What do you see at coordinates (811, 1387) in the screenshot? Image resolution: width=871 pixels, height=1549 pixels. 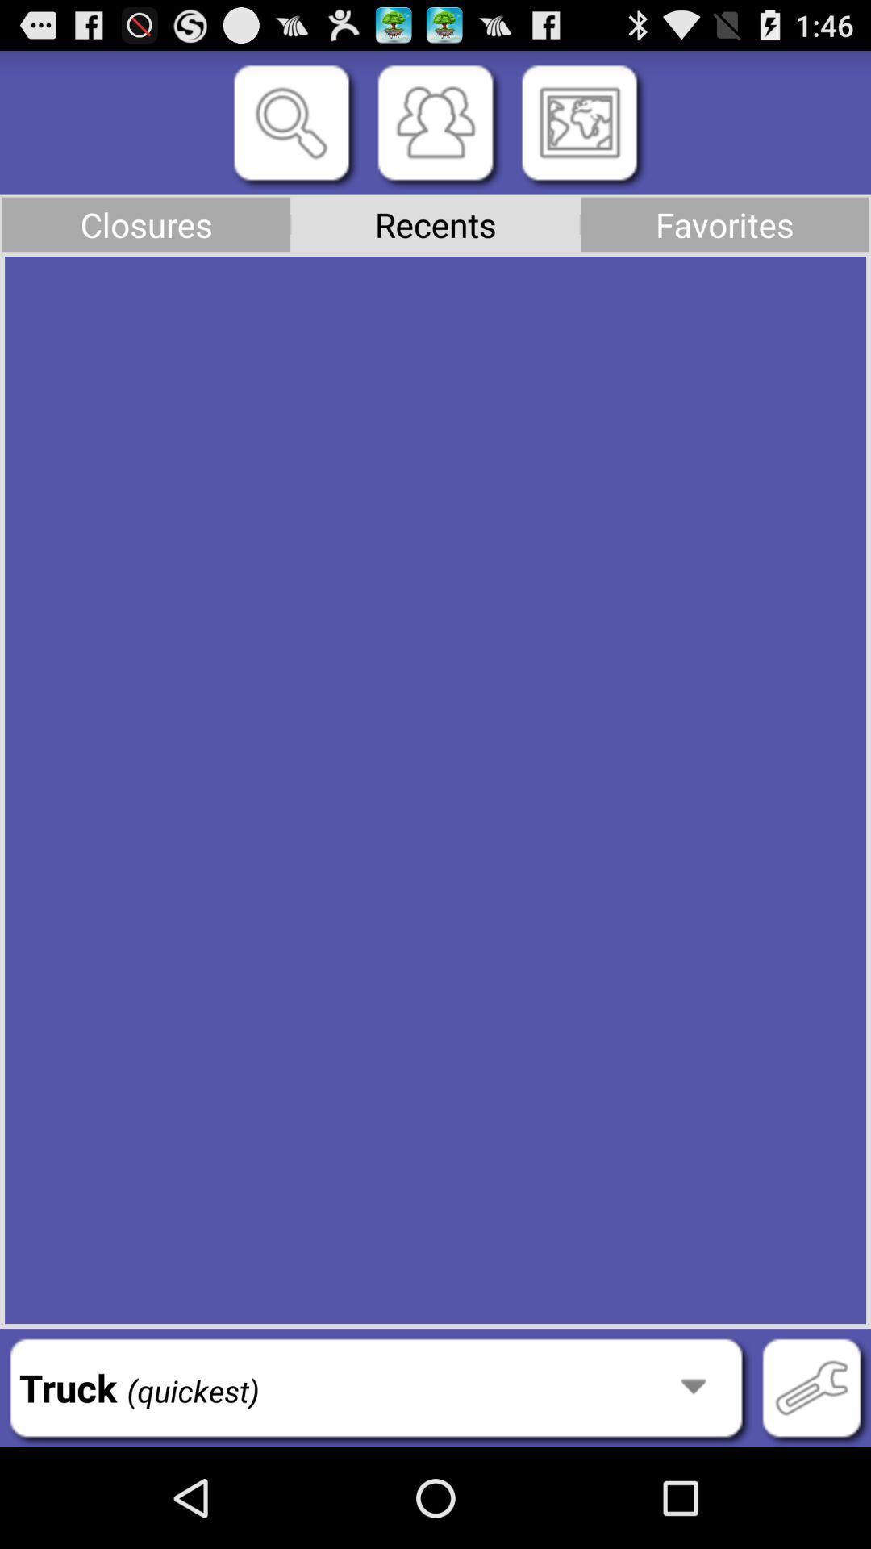 I see `the button next to truck (quickest) item` at bounding box center [811, 1387].